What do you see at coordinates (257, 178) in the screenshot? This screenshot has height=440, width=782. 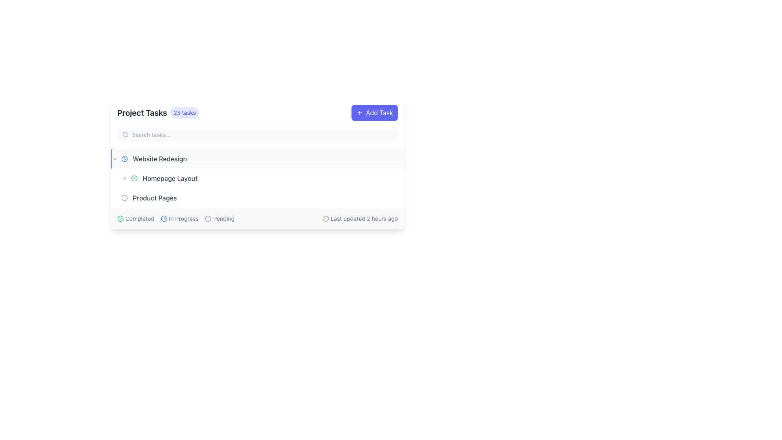 I see `the second item` at bounding box center [257, 178].